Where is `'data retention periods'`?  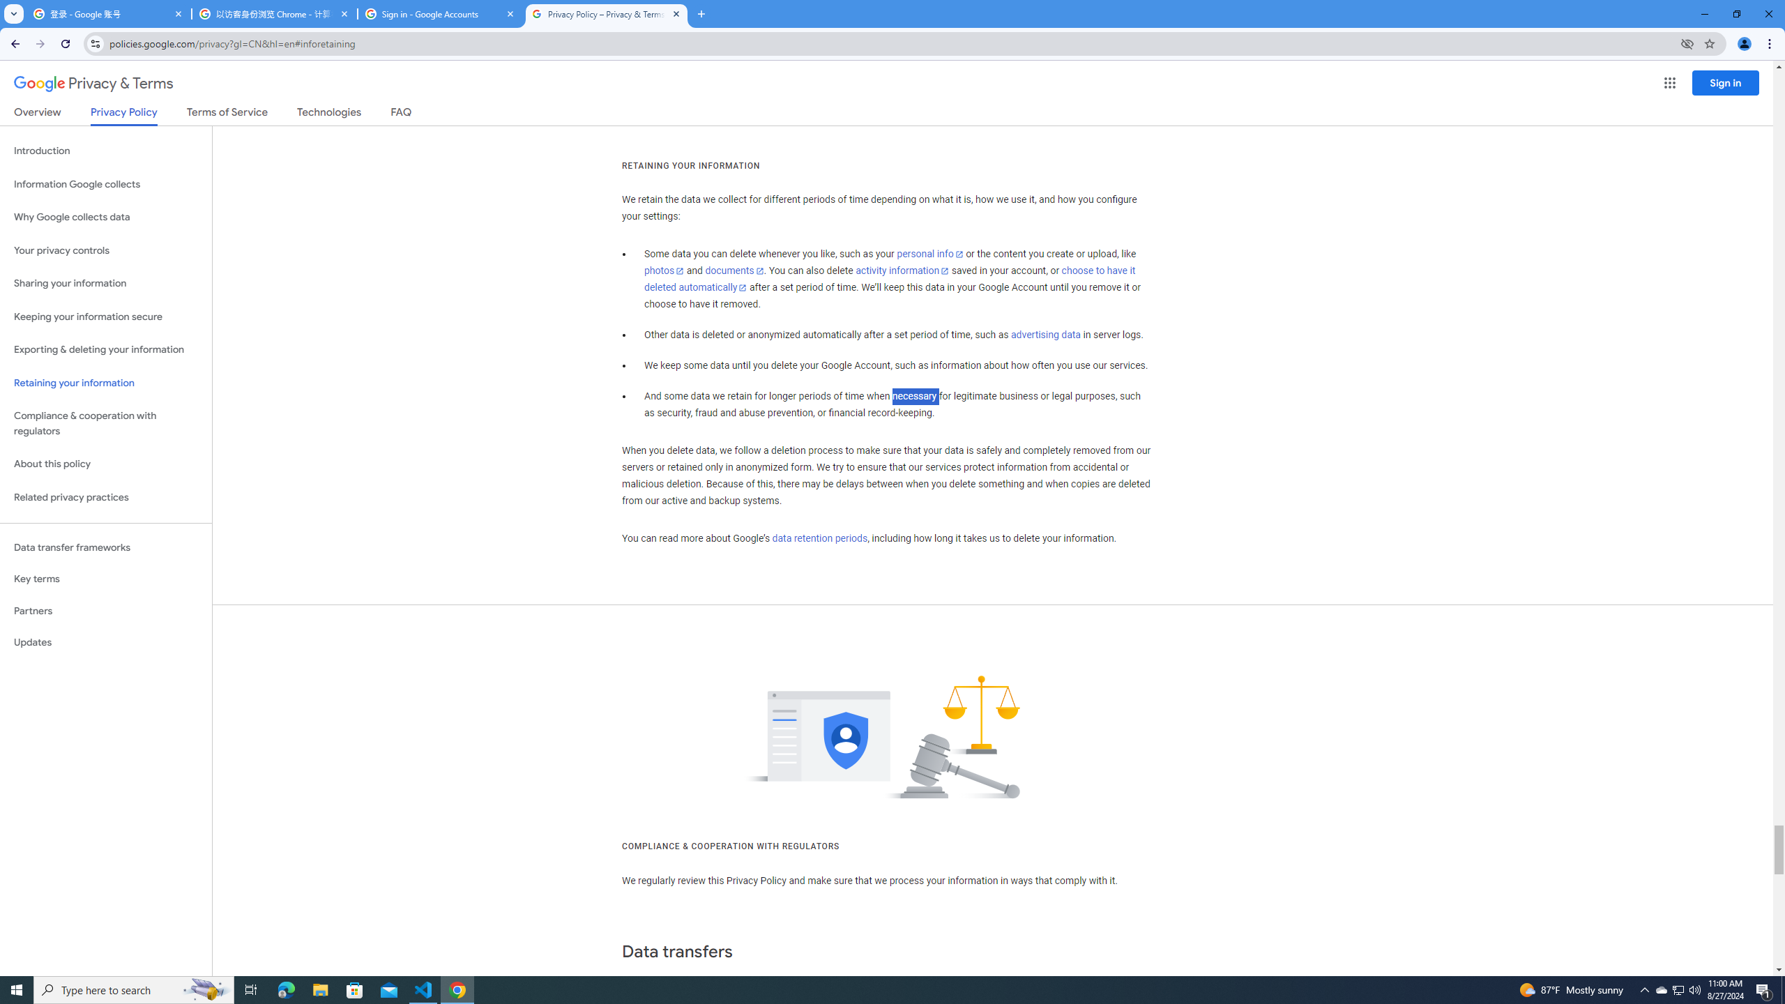
'data retention periods' is located at coordinates (819, 539).